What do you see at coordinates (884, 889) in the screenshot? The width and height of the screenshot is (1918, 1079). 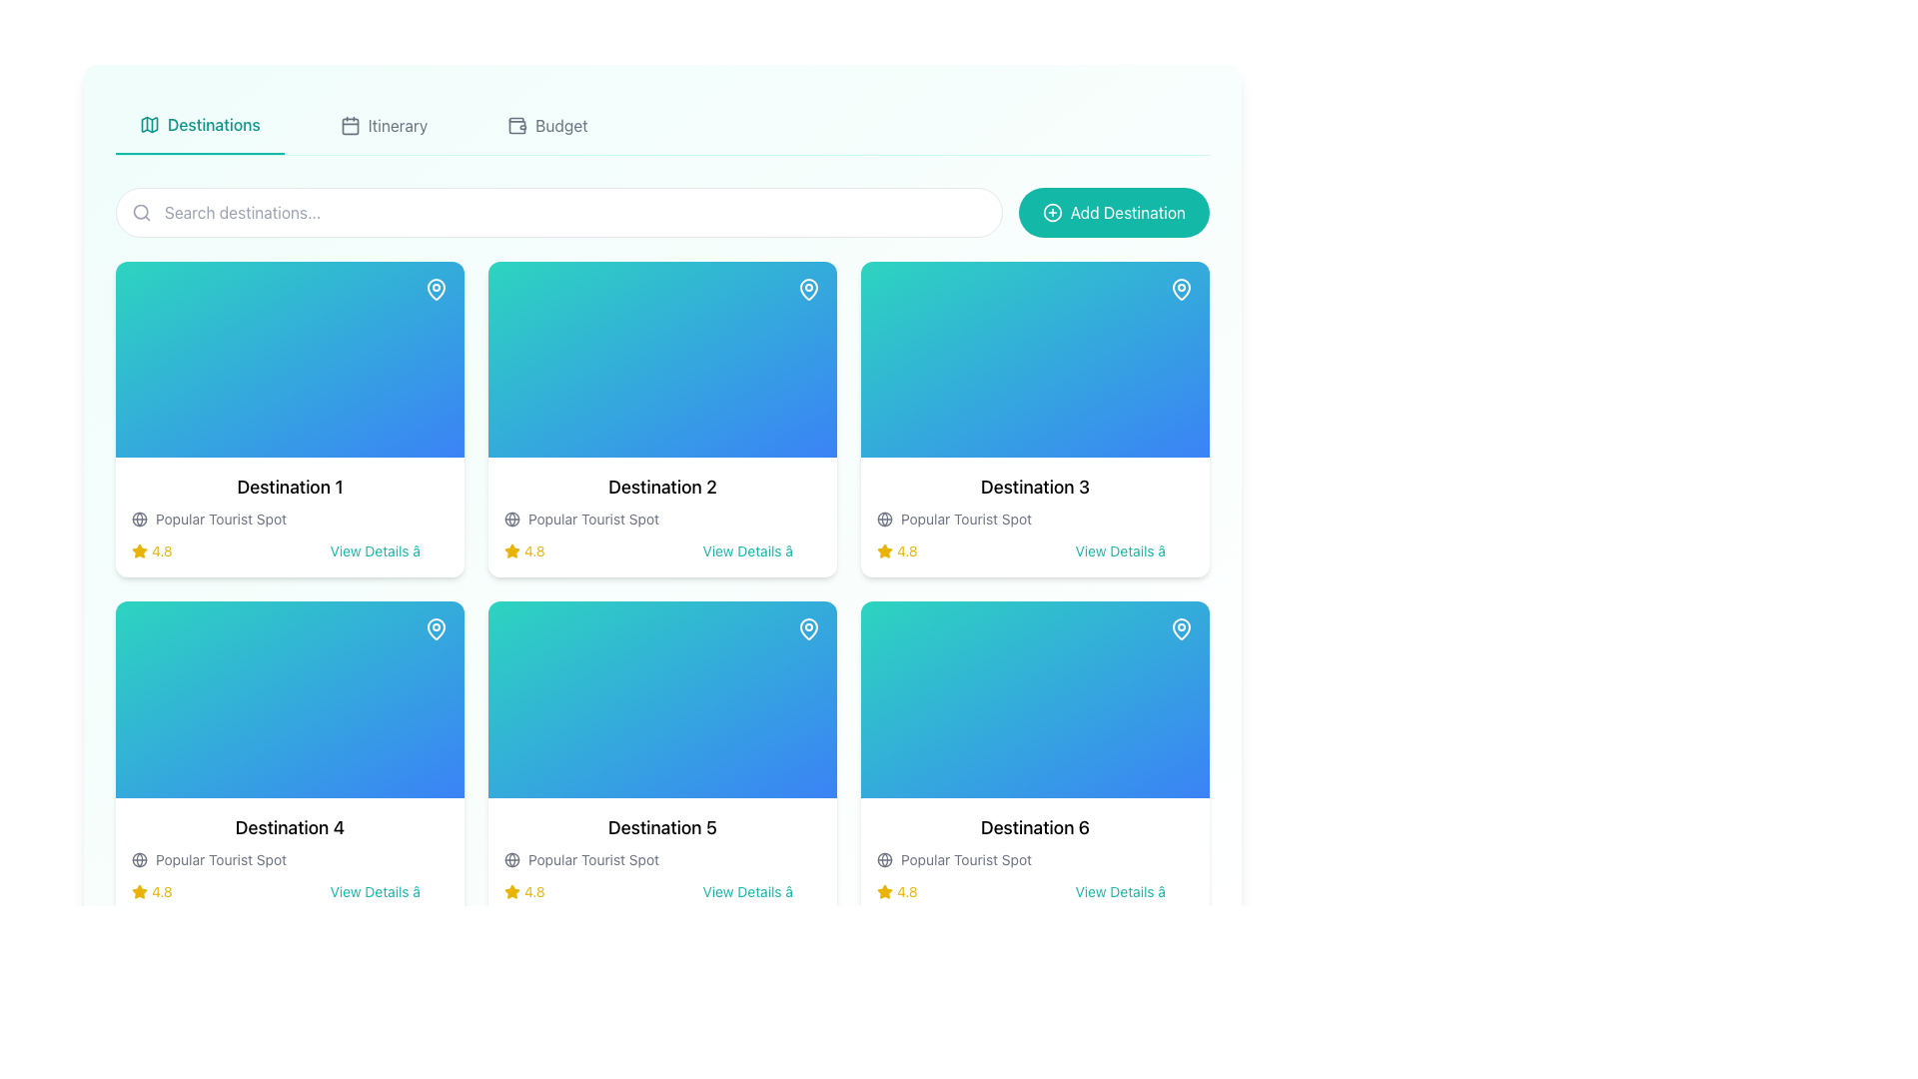 I see `the star icon that represents a rating of '4.8' for the associated destination, located in the last card of the second row in the grid layout` at bounding box center [884, 889].